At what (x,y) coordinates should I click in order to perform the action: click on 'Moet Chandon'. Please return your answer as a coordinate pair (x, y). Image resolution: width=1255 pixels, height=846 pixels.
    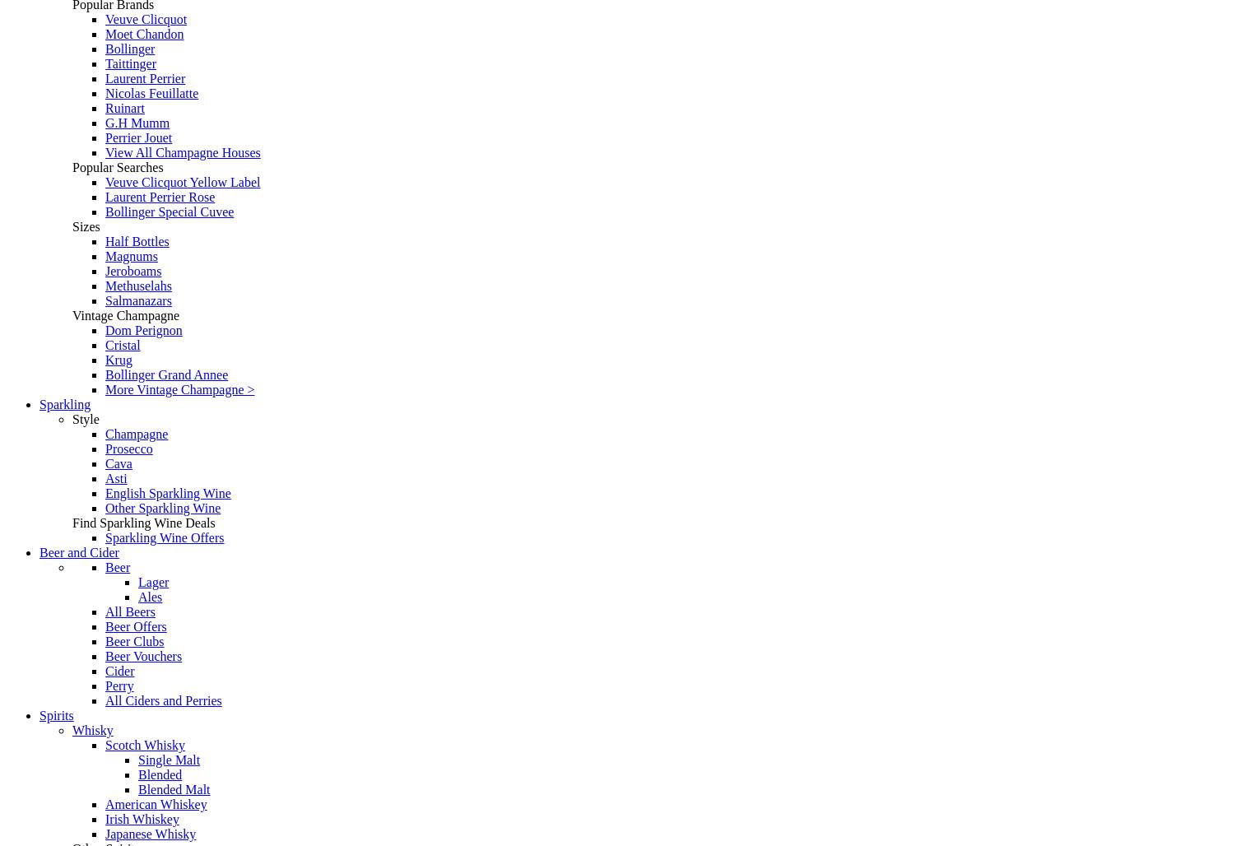
    Looking at the image, I should click on (143, 34).